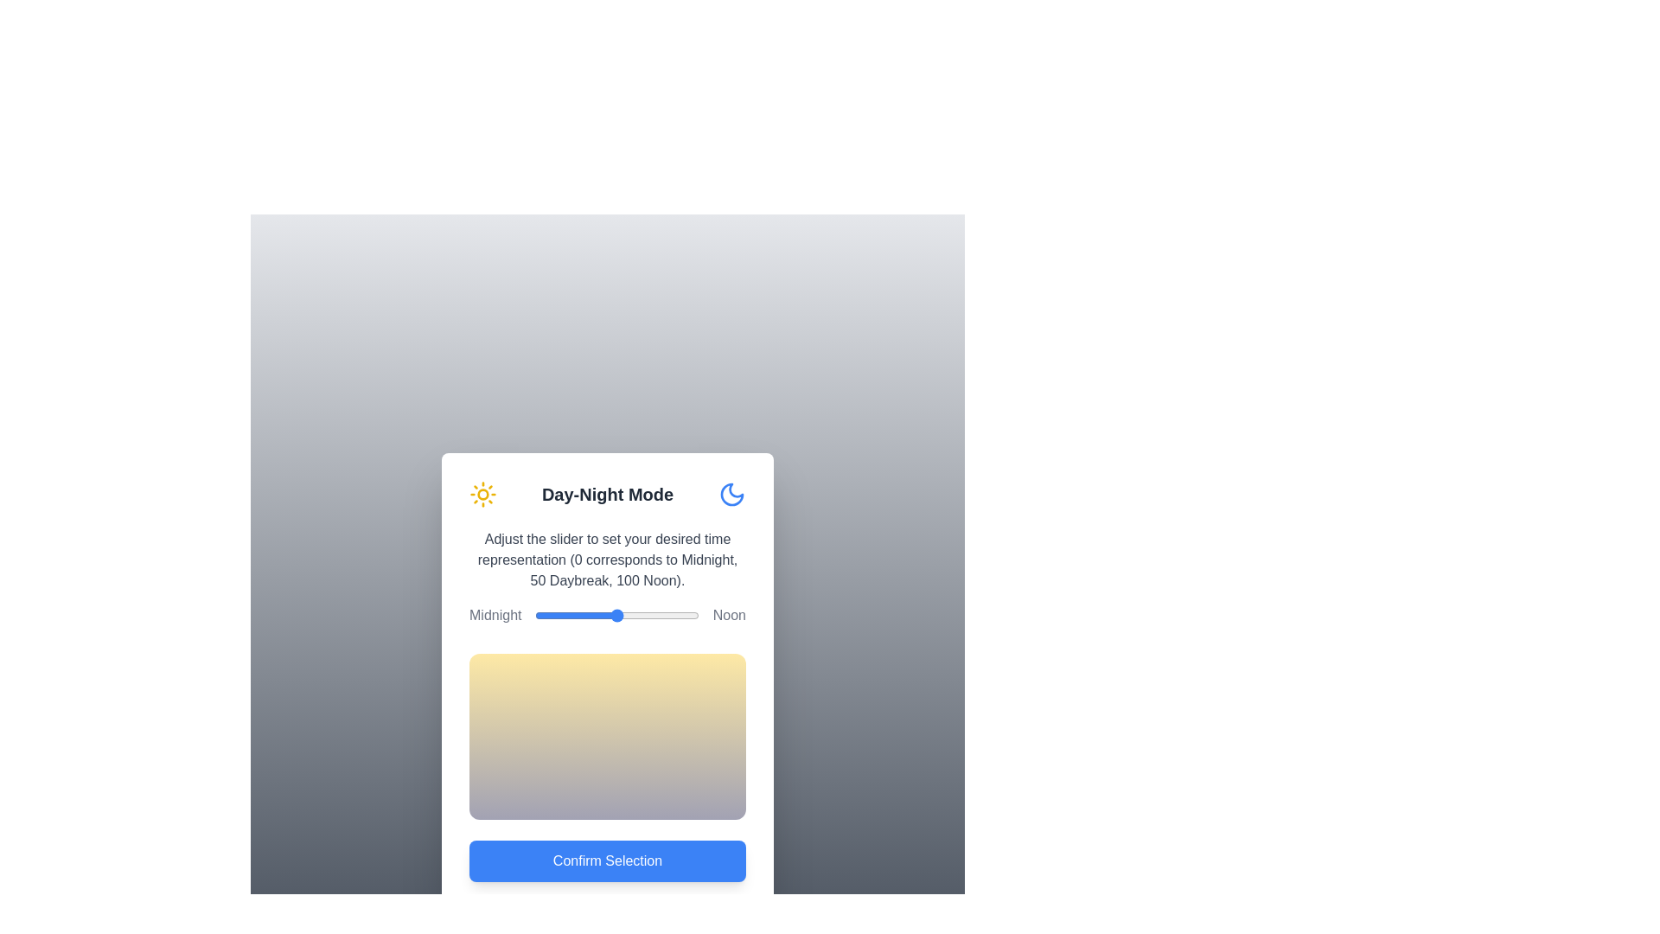 Image resolution: width=1660 pixels, height=934 pixels. I want to click on the slider to set the time representation to 6, so click(544, 615).